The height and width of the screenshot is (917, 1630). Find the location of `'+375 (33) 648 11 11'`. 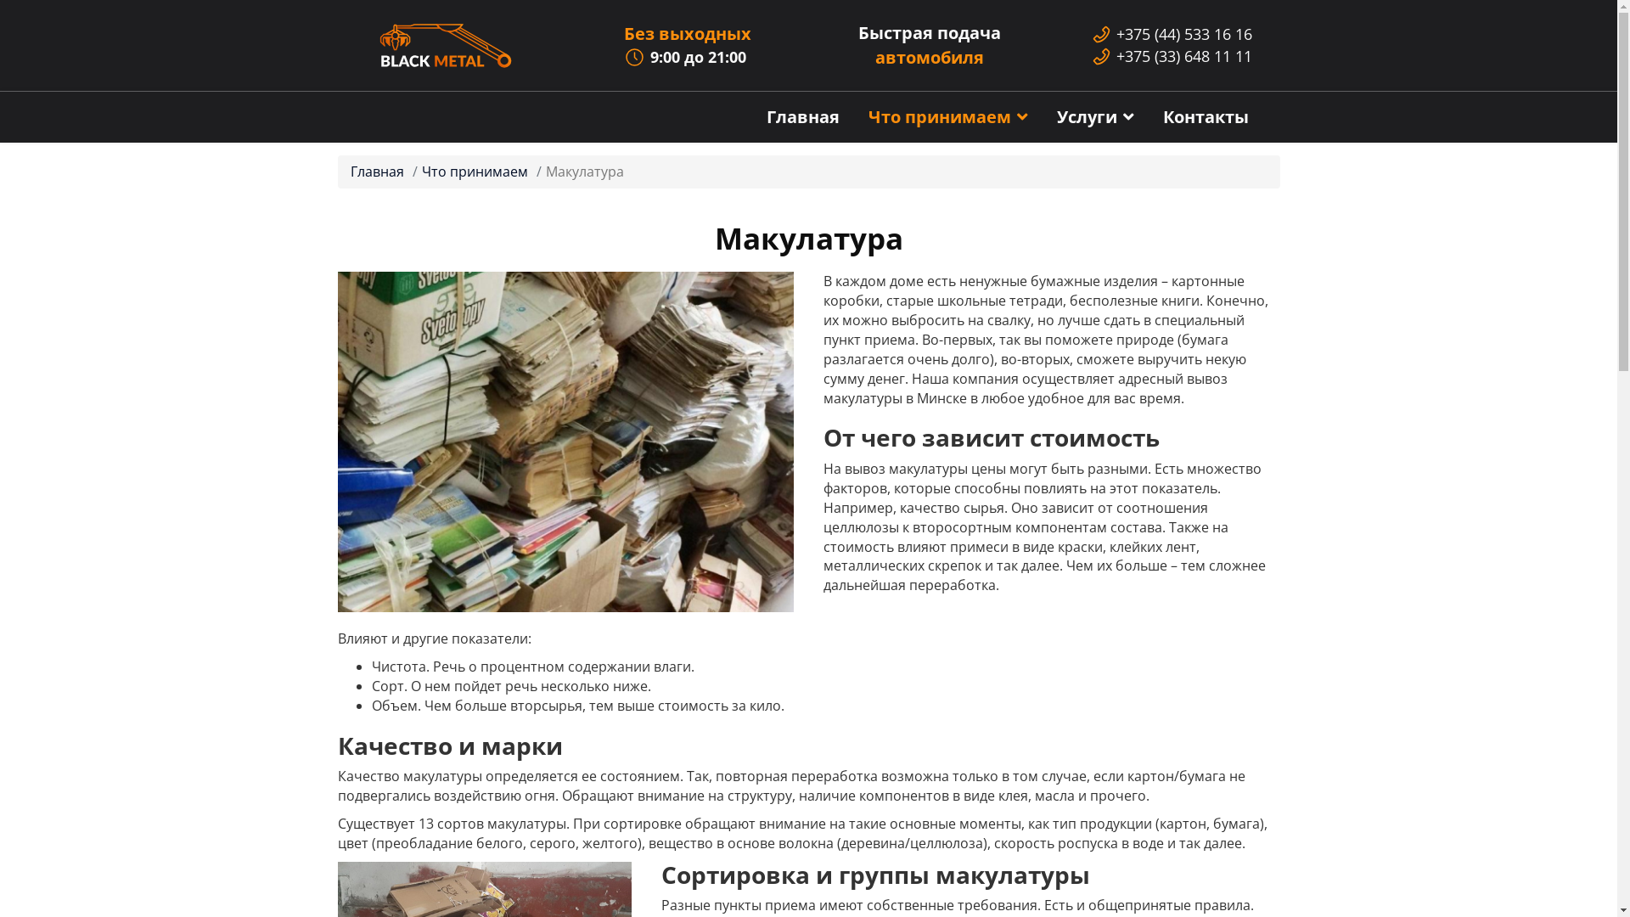

'+375 (33) 648 11 11' is located at coordinates (1183, 54).